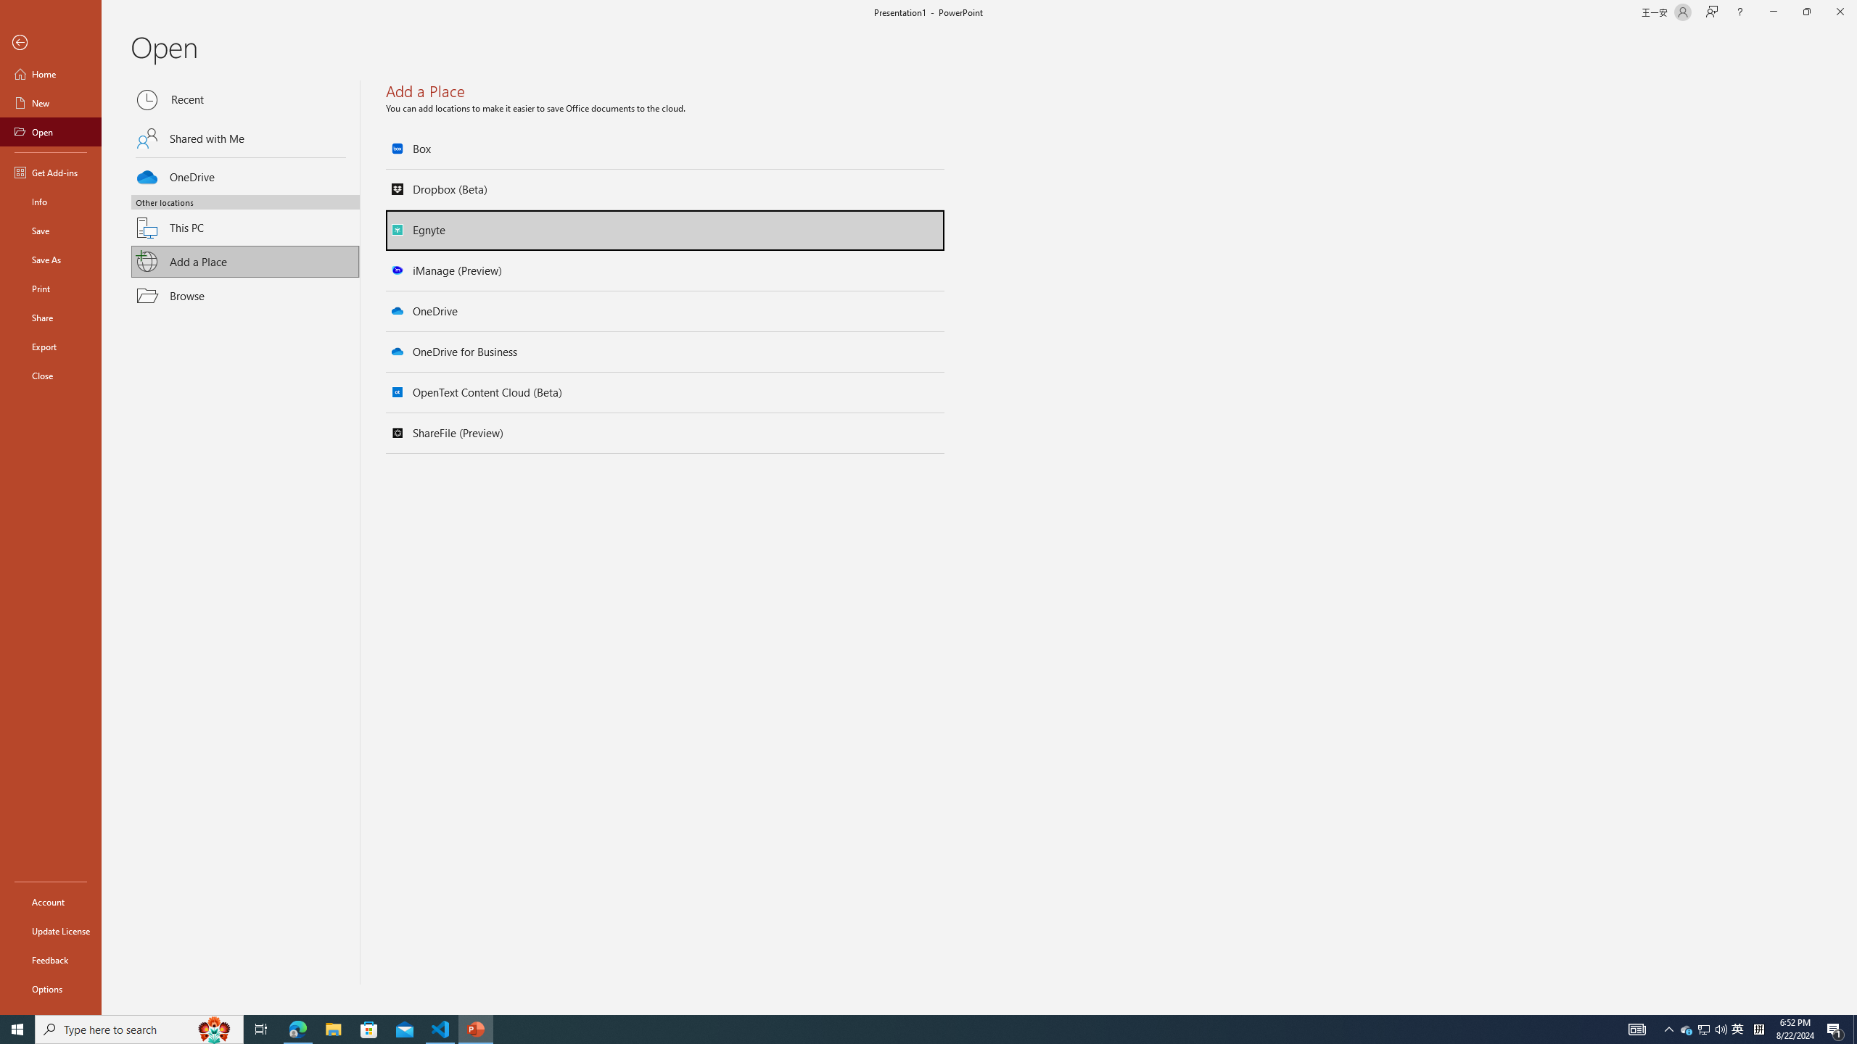  I want to click on 'Get Add-ins', so click(50, 172).